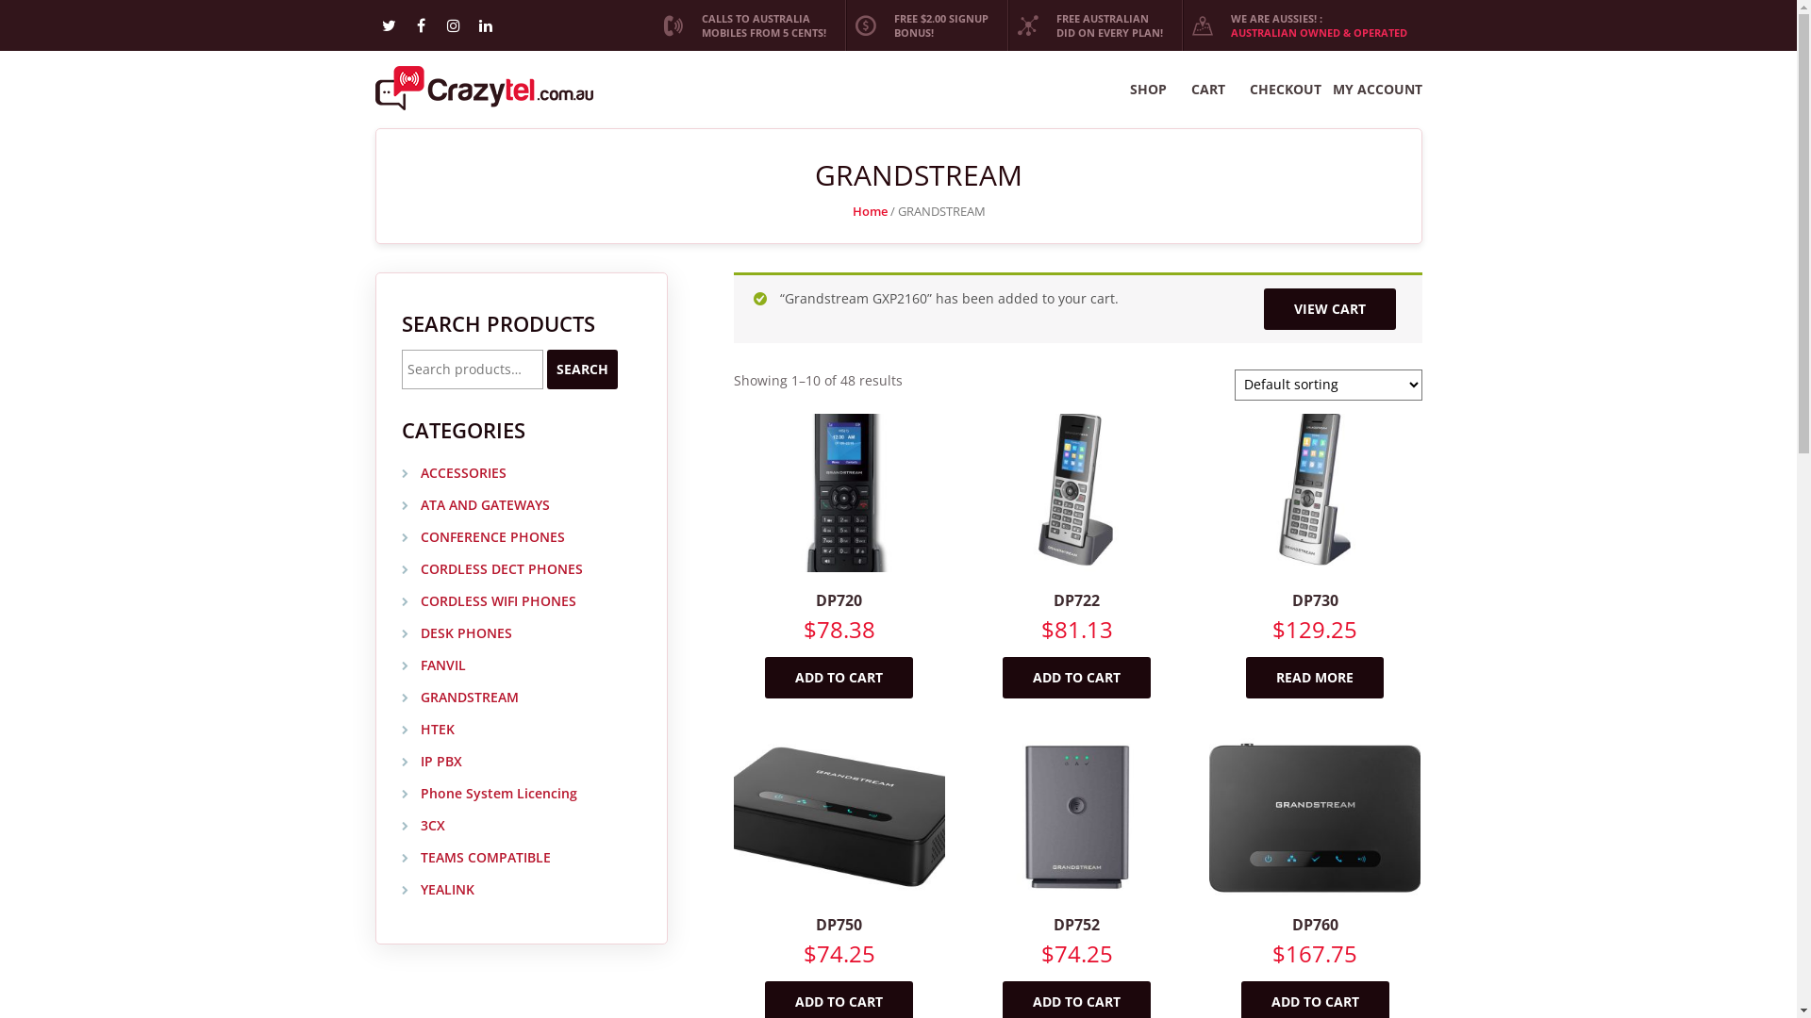 This screenshot has height=1018, width=1811. What do you see at coordinates (1376, 90) in the screenshot?
I see `'MY ACCOUNT'` at bounding box center [1376, 90].